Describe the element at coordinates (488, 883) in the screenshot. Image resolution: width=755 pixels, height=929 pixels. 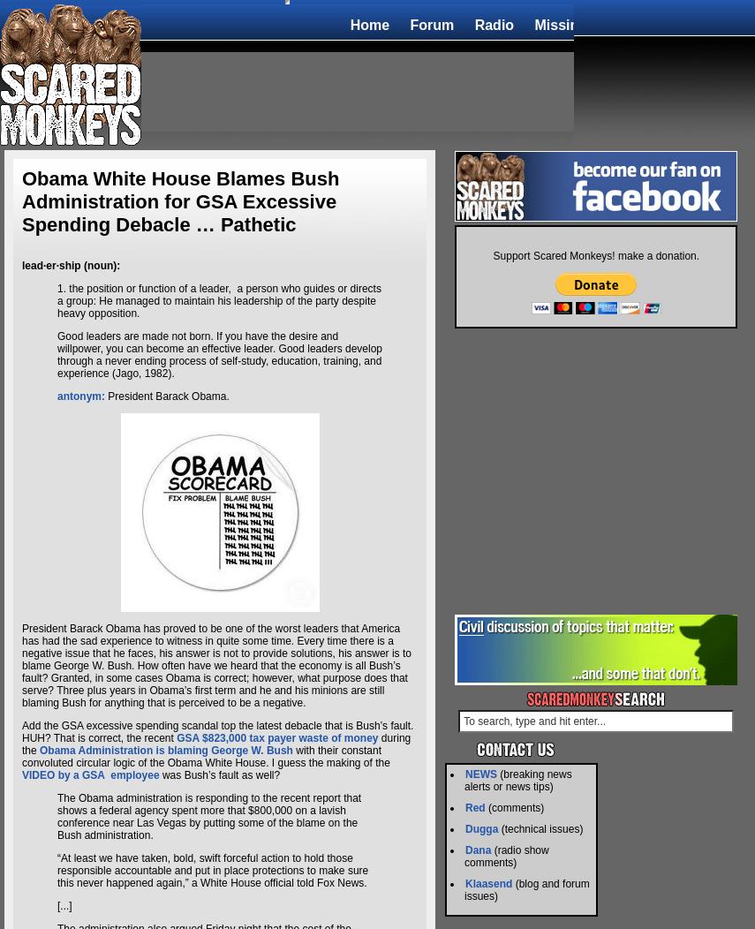
I see `'Klaasend'` at that location.